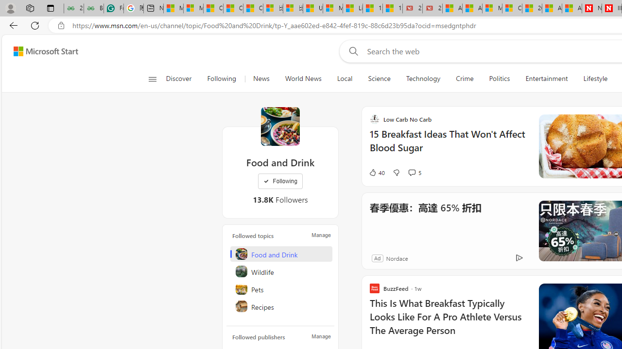  Describe the element at coordinates (432, 8) in the screenshot. I see `'21 Movies That Outdid the Books They Were Based On'` at that location.